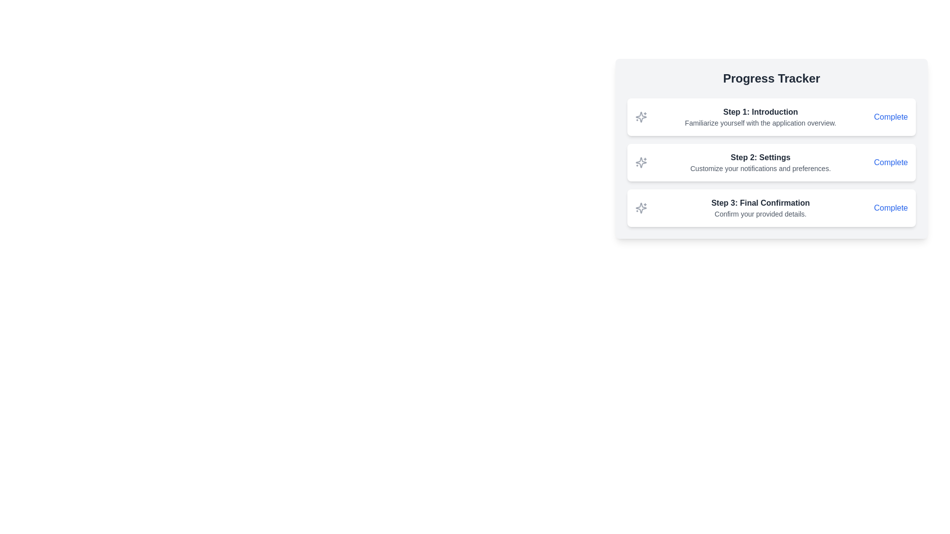  What do you see at coordinates (760, 157) in the screenshot?
I see `the 'Step 2' title text in the multi-step process interface, which indicates the focus on settings and is positioned between 'Step 1: Introduction' and 'Step 3: Final Confirmation'` at bounding box center [760, 157].